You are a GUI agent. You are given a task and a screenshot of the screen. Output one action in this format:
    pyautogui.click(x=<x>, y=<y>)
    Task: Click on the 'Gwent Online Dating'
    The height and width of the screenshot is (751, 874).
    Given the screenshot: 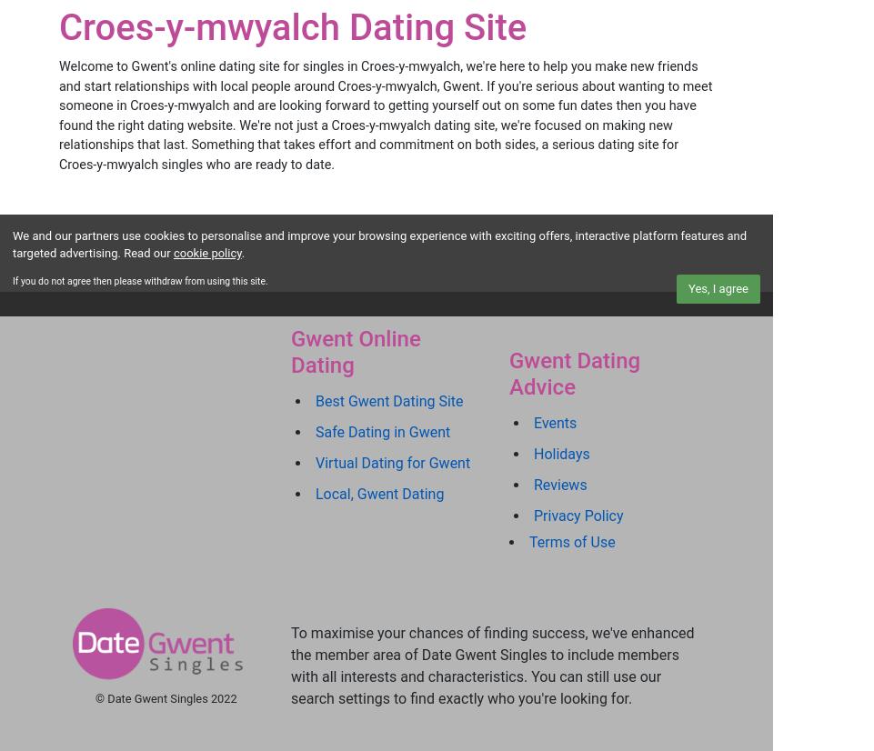 What is the action you would take?
    pyautogui.click(x=356, y=351)
    